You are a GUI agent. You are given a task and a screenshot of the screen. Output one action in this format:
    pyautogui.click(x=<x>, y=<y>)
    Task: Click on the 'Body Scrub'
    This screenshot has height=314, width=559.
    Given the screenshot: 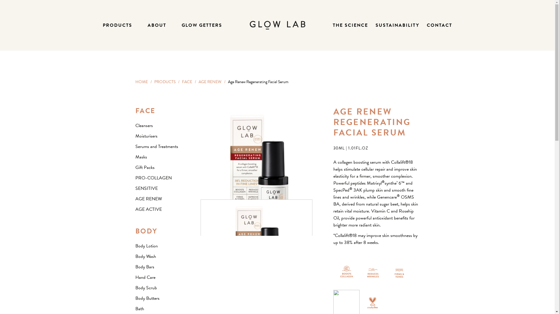 What is the action you would take?
    pyautogui.click(x=146, y=288)
    